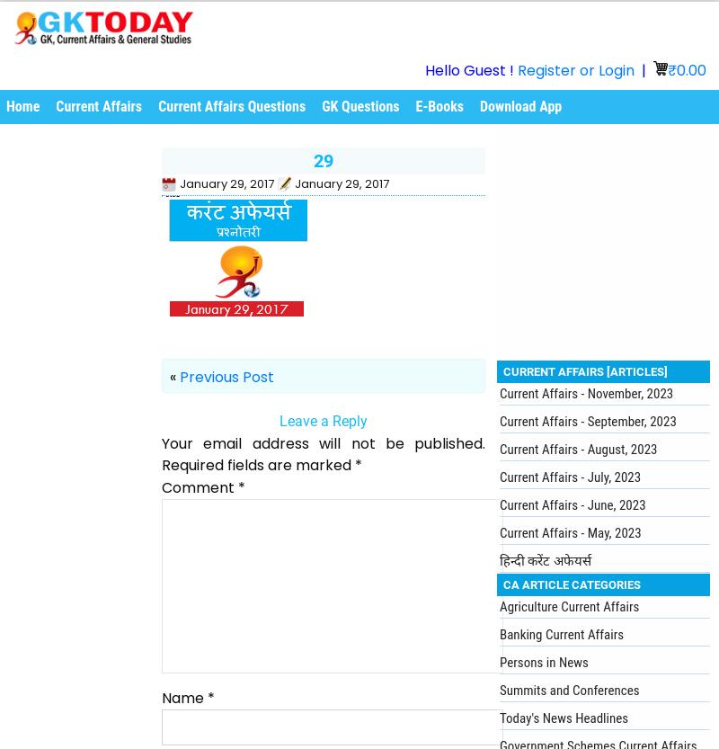  Describe the element at coordinates (677, 69) in the screenshot. I see `'0.00'` at that location.